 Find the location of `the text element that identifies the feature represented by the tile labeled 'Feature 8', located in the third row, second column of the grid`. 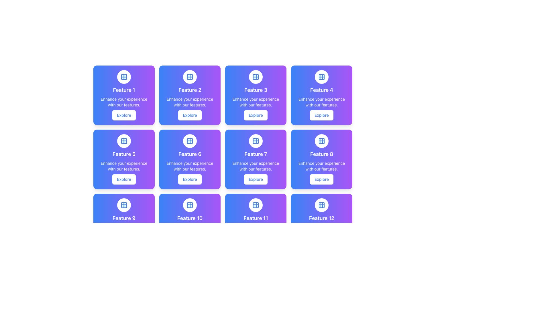

the text element that identifies the feature represented by the tile labeled 'Feature 8', located in the third row, second column of the grid is located at coordinates (322, 154).